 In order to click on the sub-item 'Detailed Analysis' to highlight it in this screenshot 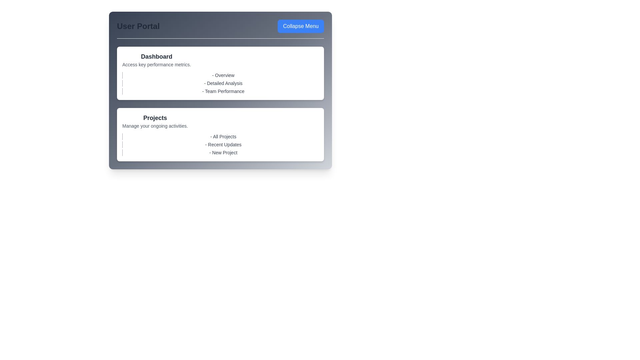, I will do `click(220, 83)`.